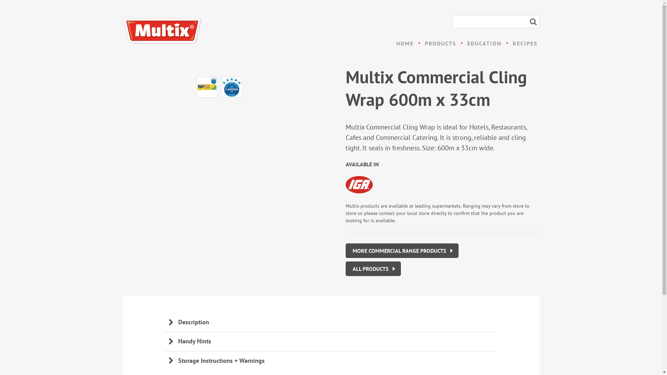 This screenshot has height=375, width=667. What do you see at coordinates (363, 194) in the screenshot?
I see `'IGA'` at bounding box center [363, 194].